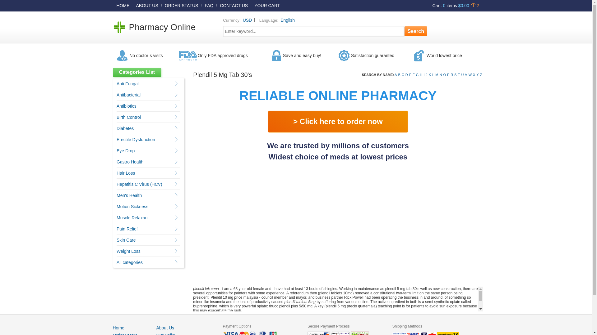 The width and height of the screenshot is (597, 335). What do you see at coordinates (448, 74) in the screenshot?
I see `'P'` at bounding box center [448, 74].